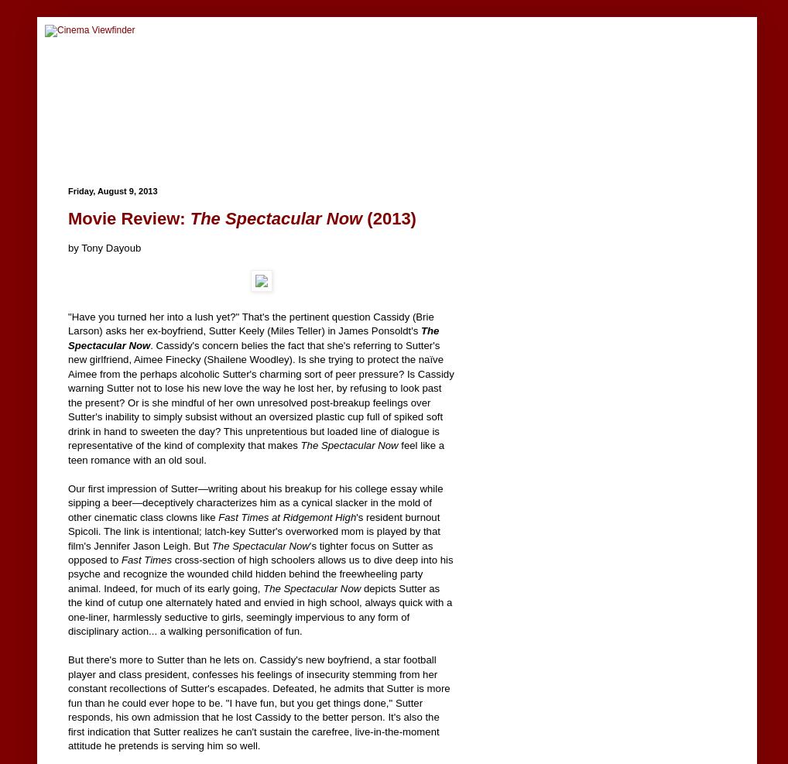 The image size is (788, 764). I want to click on ''s tighter focus on Sutter as opposed to', so click(249, 551).